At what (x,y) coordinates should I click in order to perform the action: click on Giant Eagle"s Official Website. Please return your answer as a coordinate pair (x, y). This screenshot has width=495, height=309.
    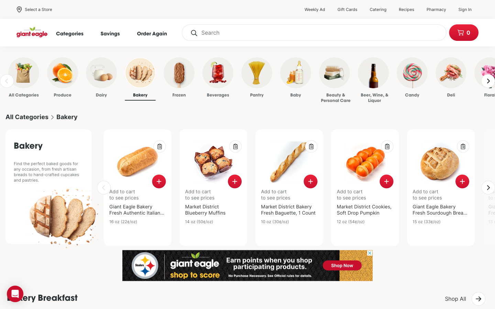
    Looking at the image, I should click on (32, 32).